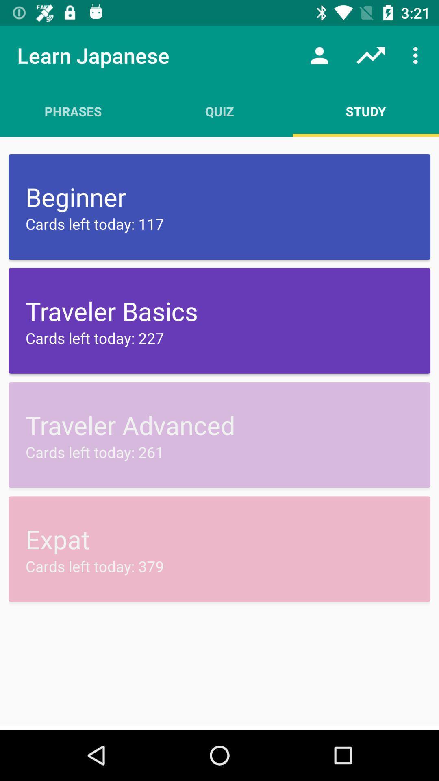 The height and width of the screenshot is (781, 439). I want to click on the icon above the beginner icon, so click(73, 111).